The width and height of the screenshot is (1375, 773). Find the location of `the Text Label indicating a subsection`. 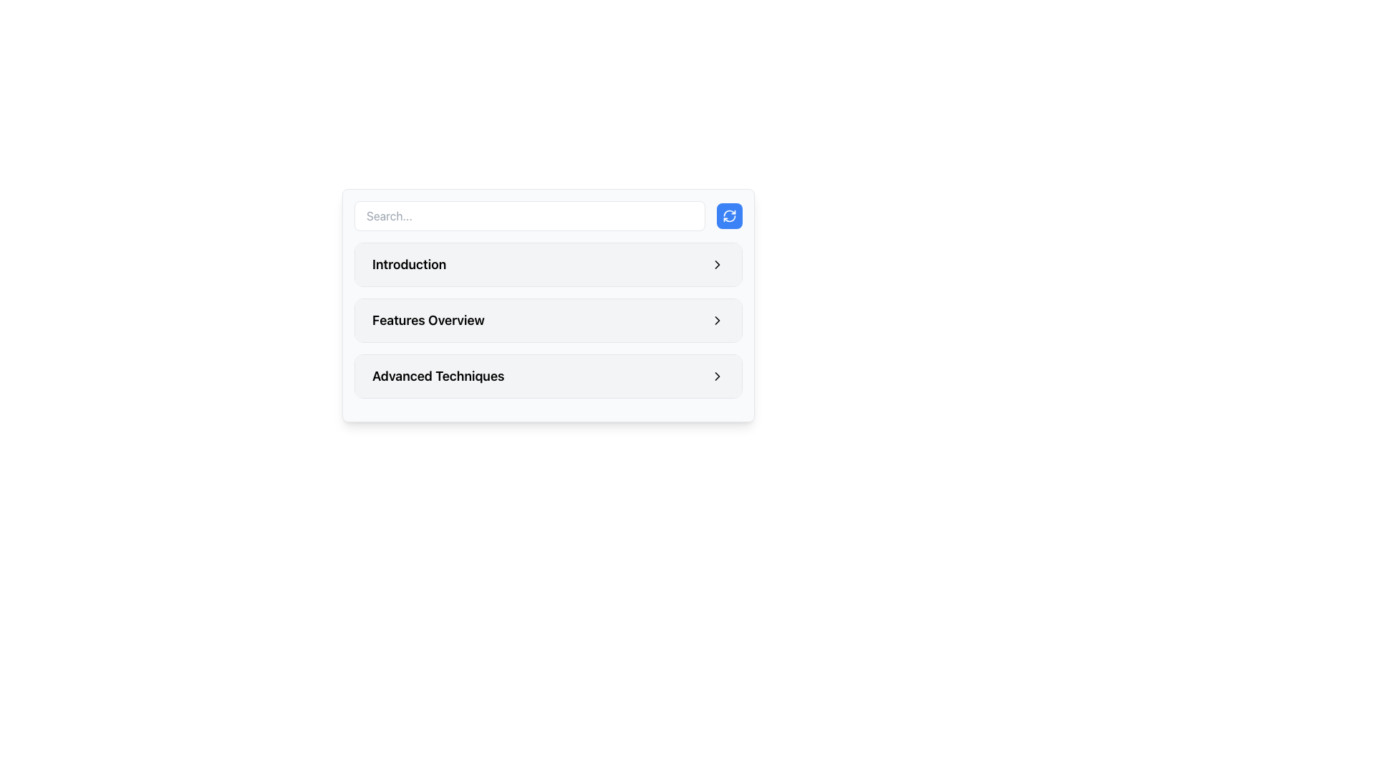

the Text Label indicating a subsection is located at coordinates (438, 375).